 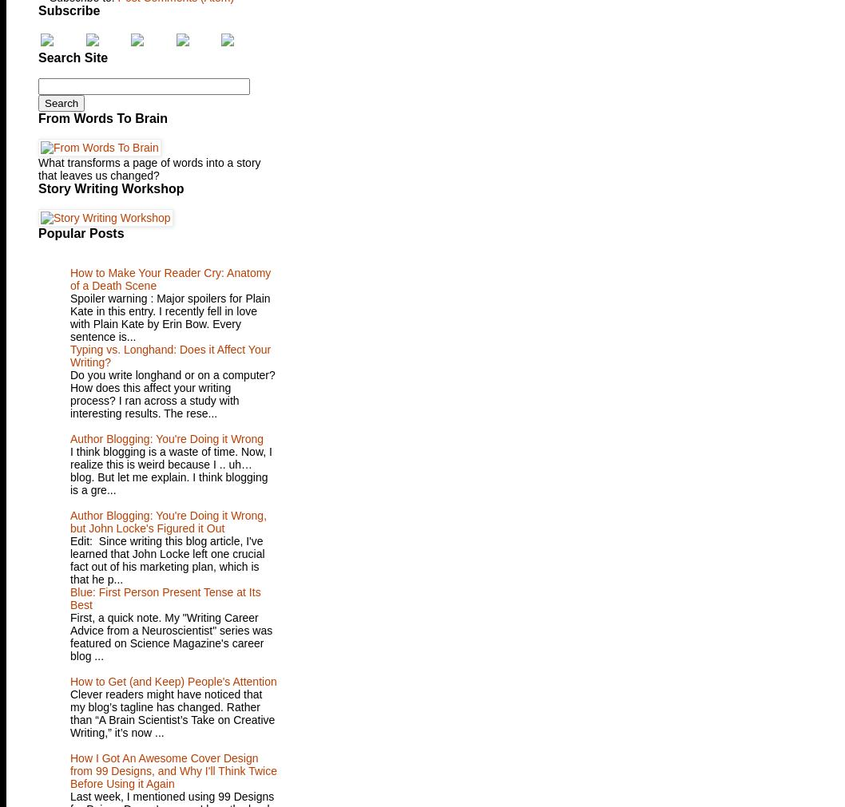 What do you see at coordinates (69, 10) in the screenshot?
I see `'Subscribe'` at bounding box center [69, 10].